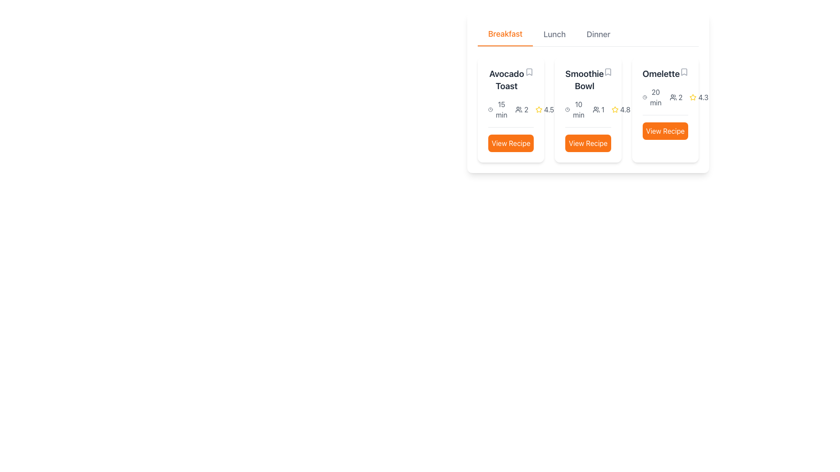 The height and width of the screenshot is (472, 840). What do you see at coordinates (544, 109) in the screenshot?
I see `the numeric rating text label displaying '4.5' next to the yellow star icon in the 'Smoothie Bowl' section of the 'Breakfast' category` at bounding box center [544, 109].